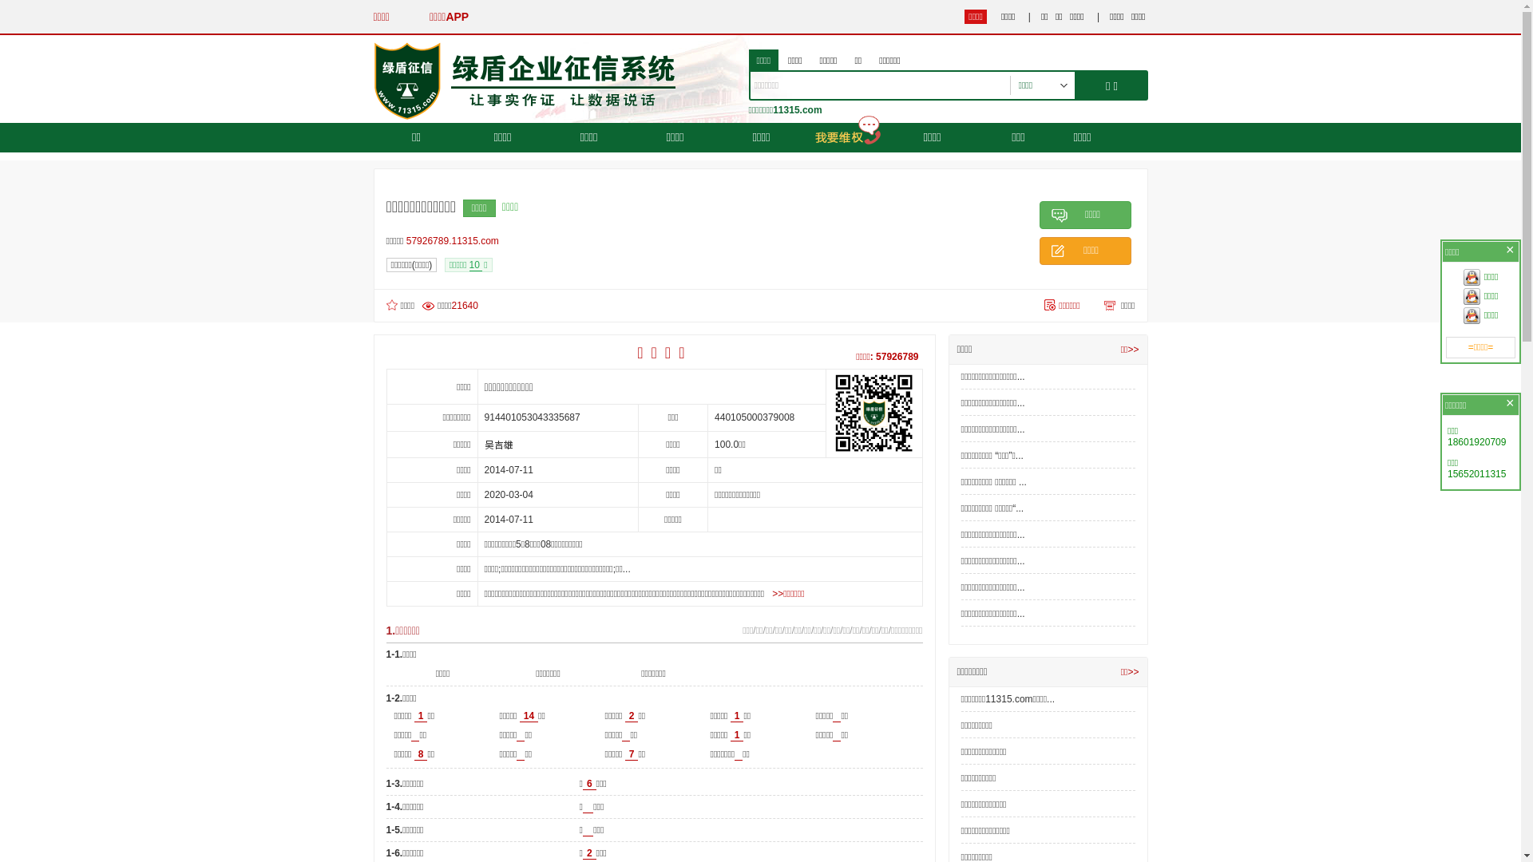 Image resolution: width=1533 pixels, height=862 pixels. I want to click on '8', so click(421, 754).